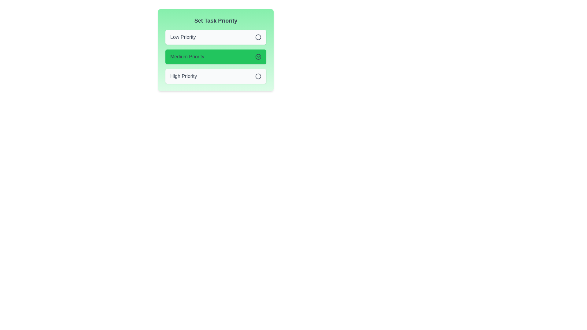 The width and height of the screenshot is (587, 330). What do you see at coordinates (258, 37) in the screenshot?
I see `the circular outline indicator next to the 'Low Priority' label` at bounding box center [258, 37].